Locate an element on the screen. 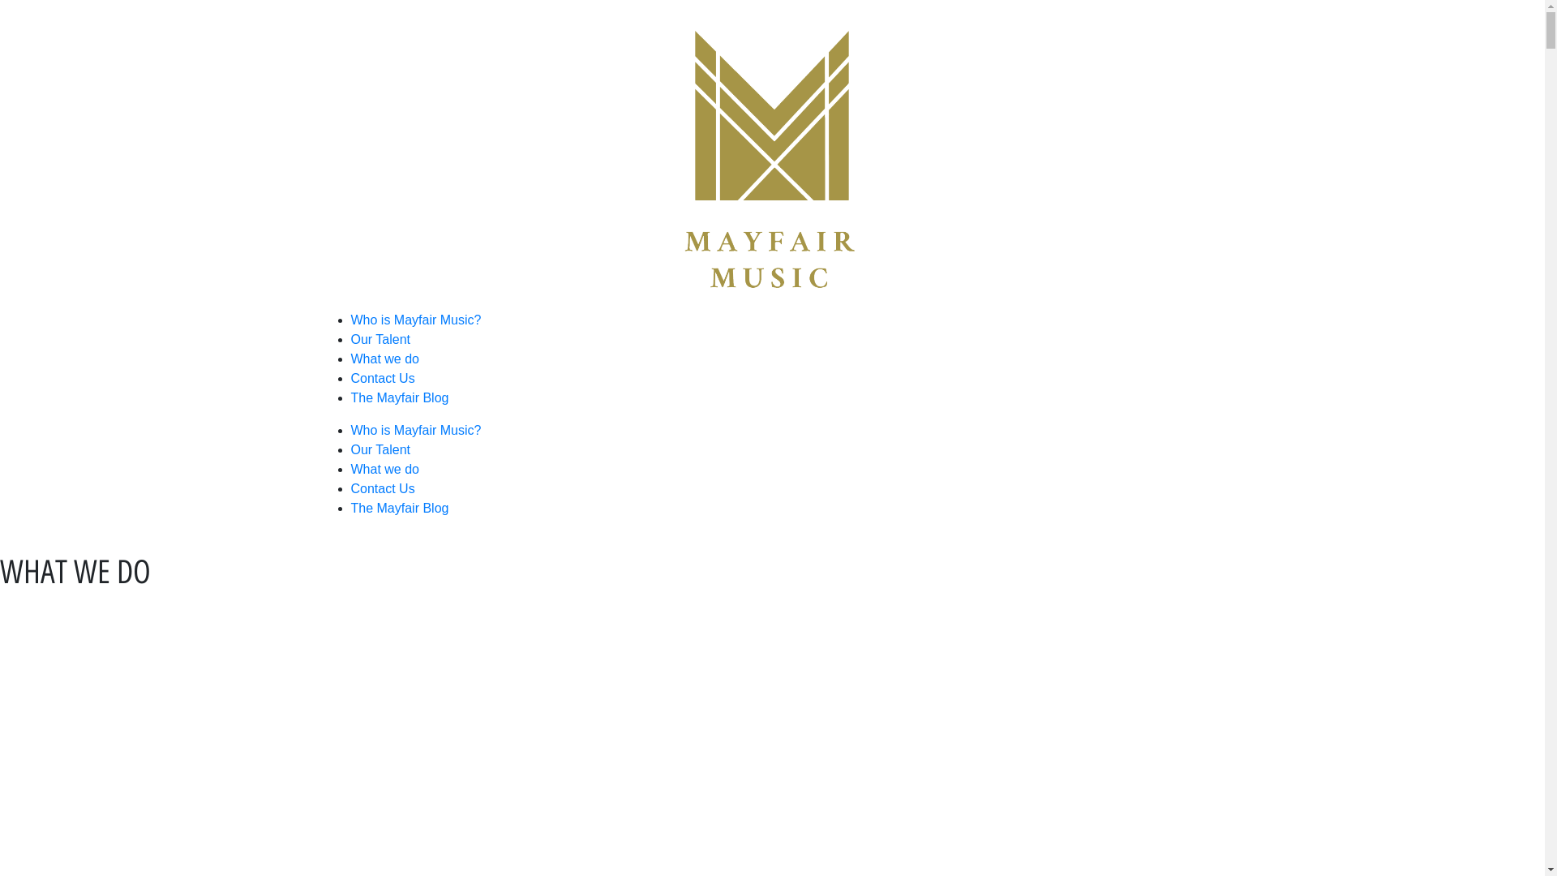  'What we do' is located at coordinates (384, 358).